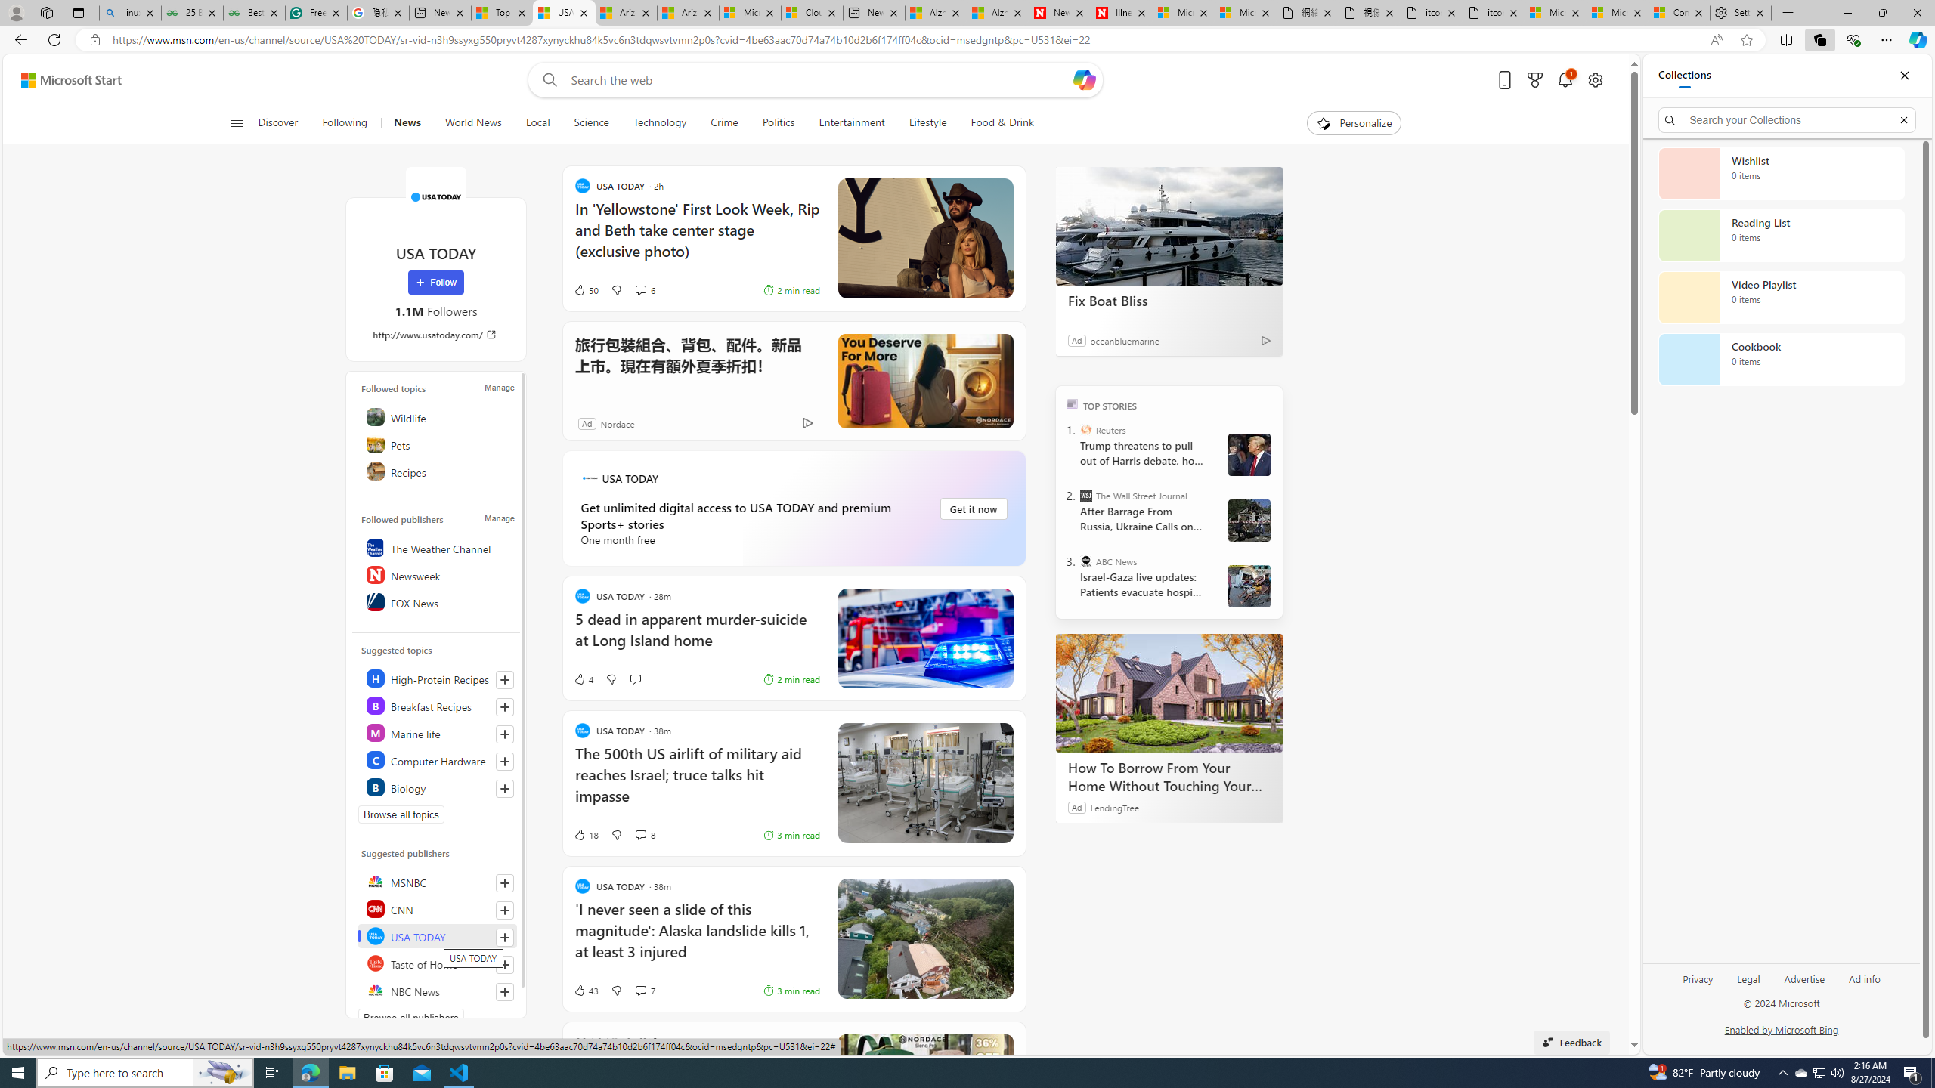 This screenshot has width=1935, height=1088. What do you see at coordinates (585, 289) in the screenshot?
I see `'50 Like'` at bounding box center [585, 289].